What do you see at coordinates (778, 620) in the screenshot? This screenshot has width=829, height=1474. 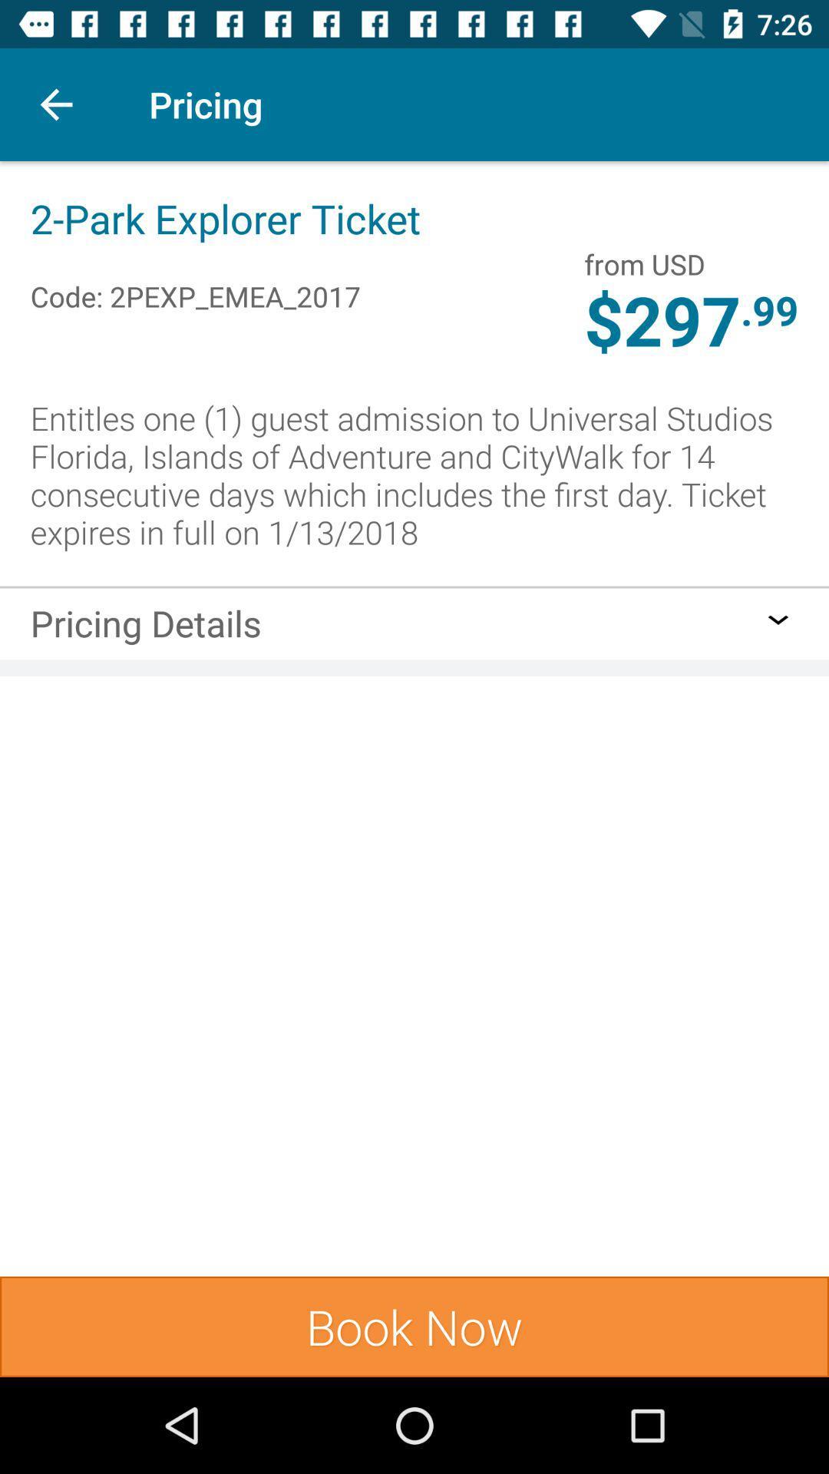 I see `drop down option` at bounding box center [778, 620].